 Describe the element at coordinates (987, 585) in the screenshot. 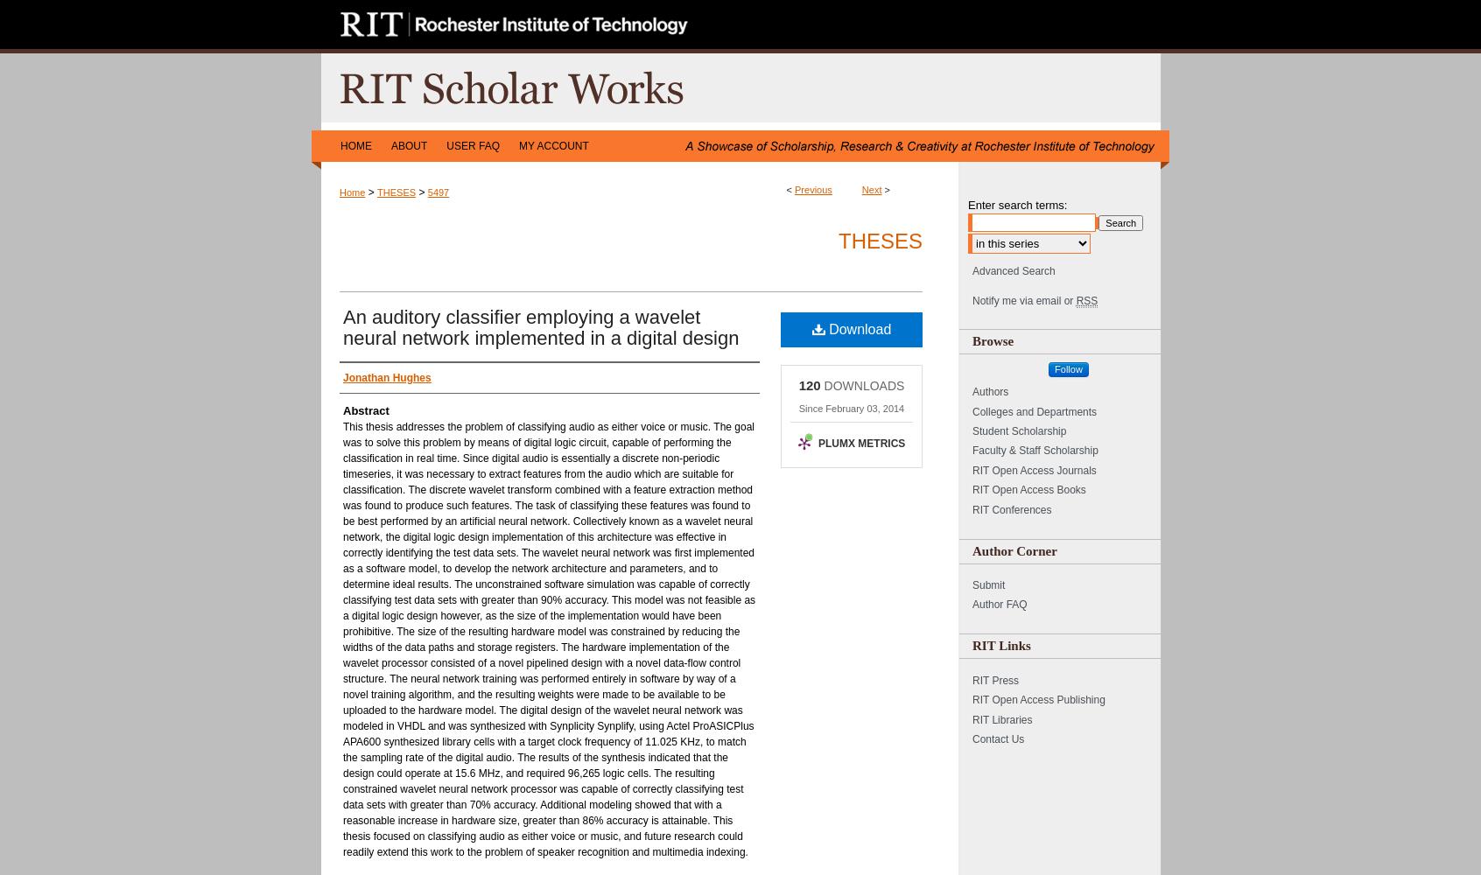

I see `'Submit'` at that location.